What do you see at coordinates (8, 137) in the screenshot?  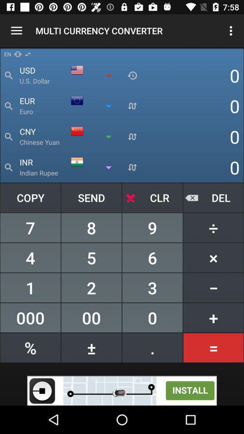 I see `the search icon` at bounding box center [8, 137].